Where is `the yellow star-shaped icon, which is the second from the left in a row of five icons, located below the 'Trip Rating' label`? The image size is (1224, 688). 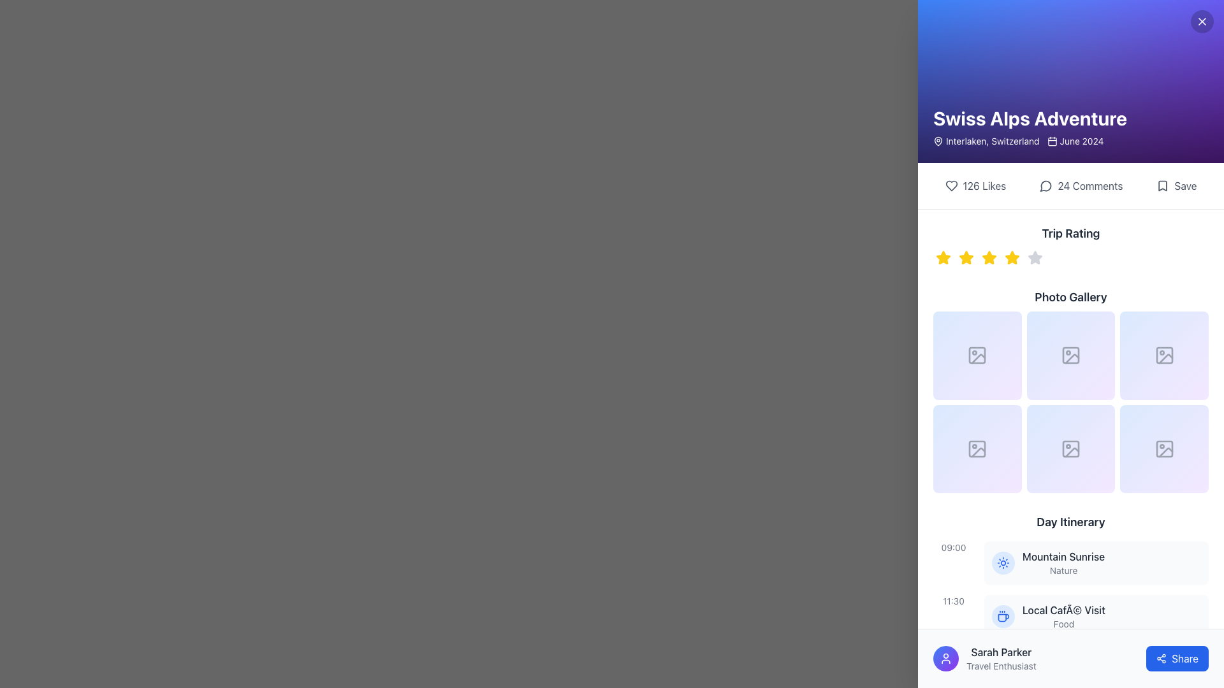 the yellow star-shaped icon, which is the second from the left in a row of five icons, located below the 'Trip Rating' label is located at coordinates (966, 258).